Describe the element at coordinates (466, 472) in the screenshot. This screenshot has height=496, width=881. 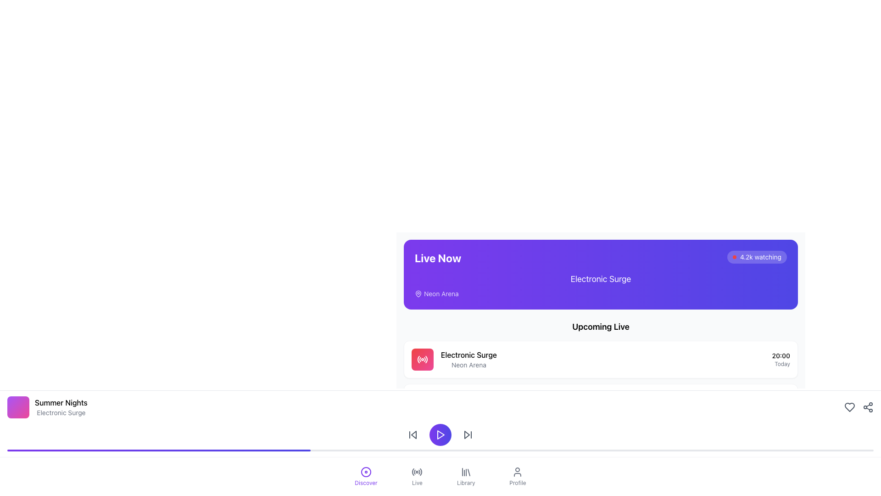
I see `the 'Library' icon in the bottom navigation bar` at that location.